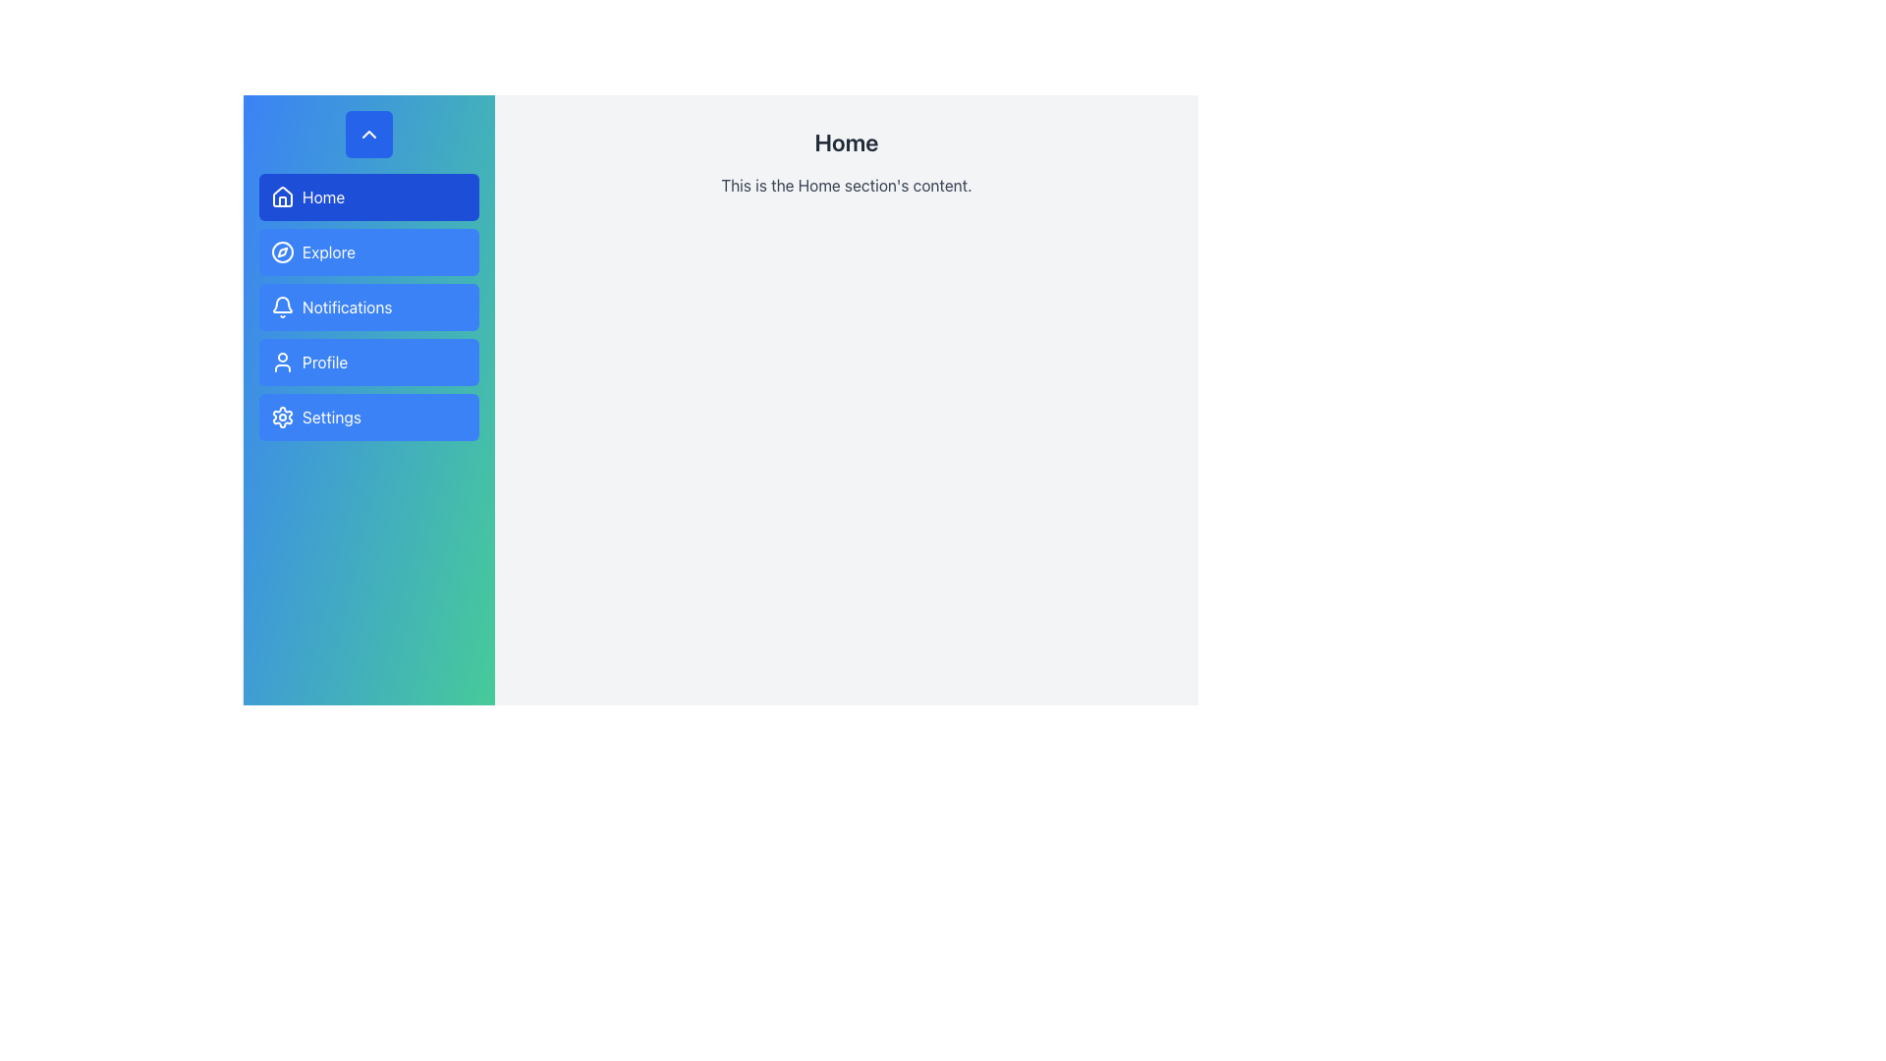 The image size is (1886, 1061). What do you see at coordinates (368, 307) in the screenshot?
I see `the 'Notifications' button, which is the third button in a vertically stacked list within a sidebar menu` at bounding box center [368, 307].